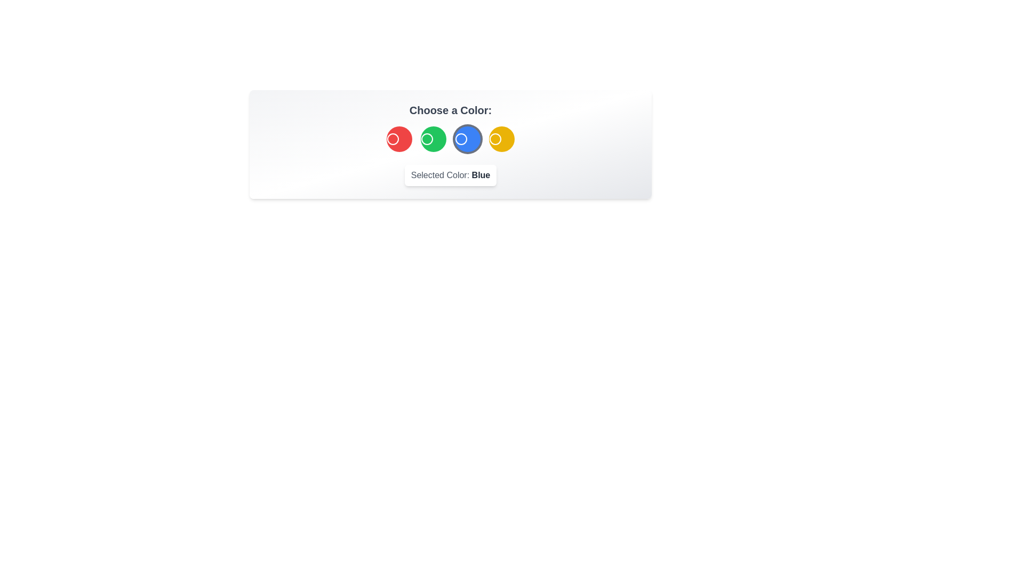  I want to click on the color button corresponding to Blue, so click(468, 139).